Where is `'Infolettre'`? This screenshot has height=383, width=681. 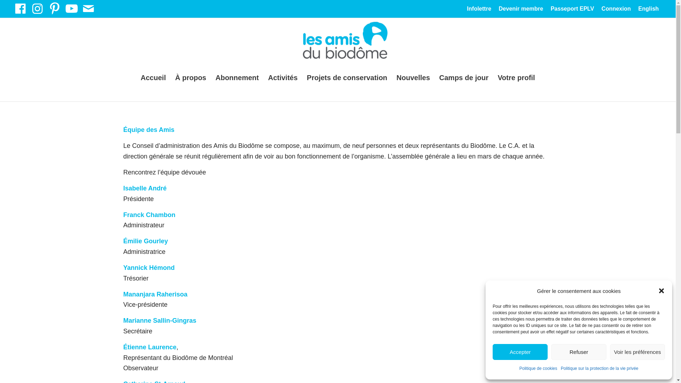 'Infolettre' is located at coordinates (479, 10).